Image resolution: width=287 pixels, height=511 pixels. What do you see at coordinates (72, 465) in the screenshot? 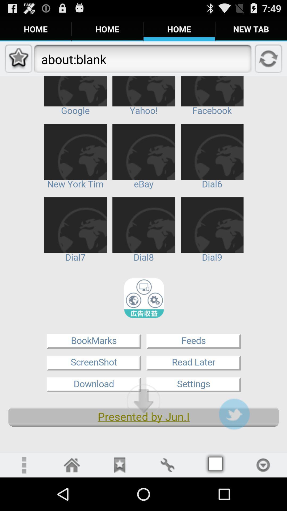
I see `home button` at bounding box center [72, 465].